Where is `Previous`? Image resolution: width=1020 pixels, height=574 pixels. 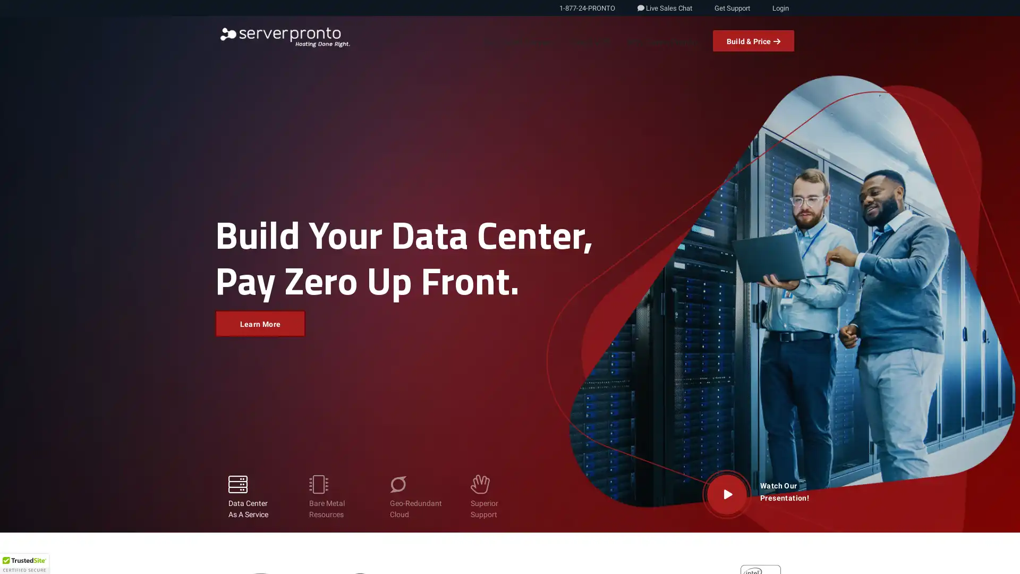 Previous is located at coordinates (32, 284).